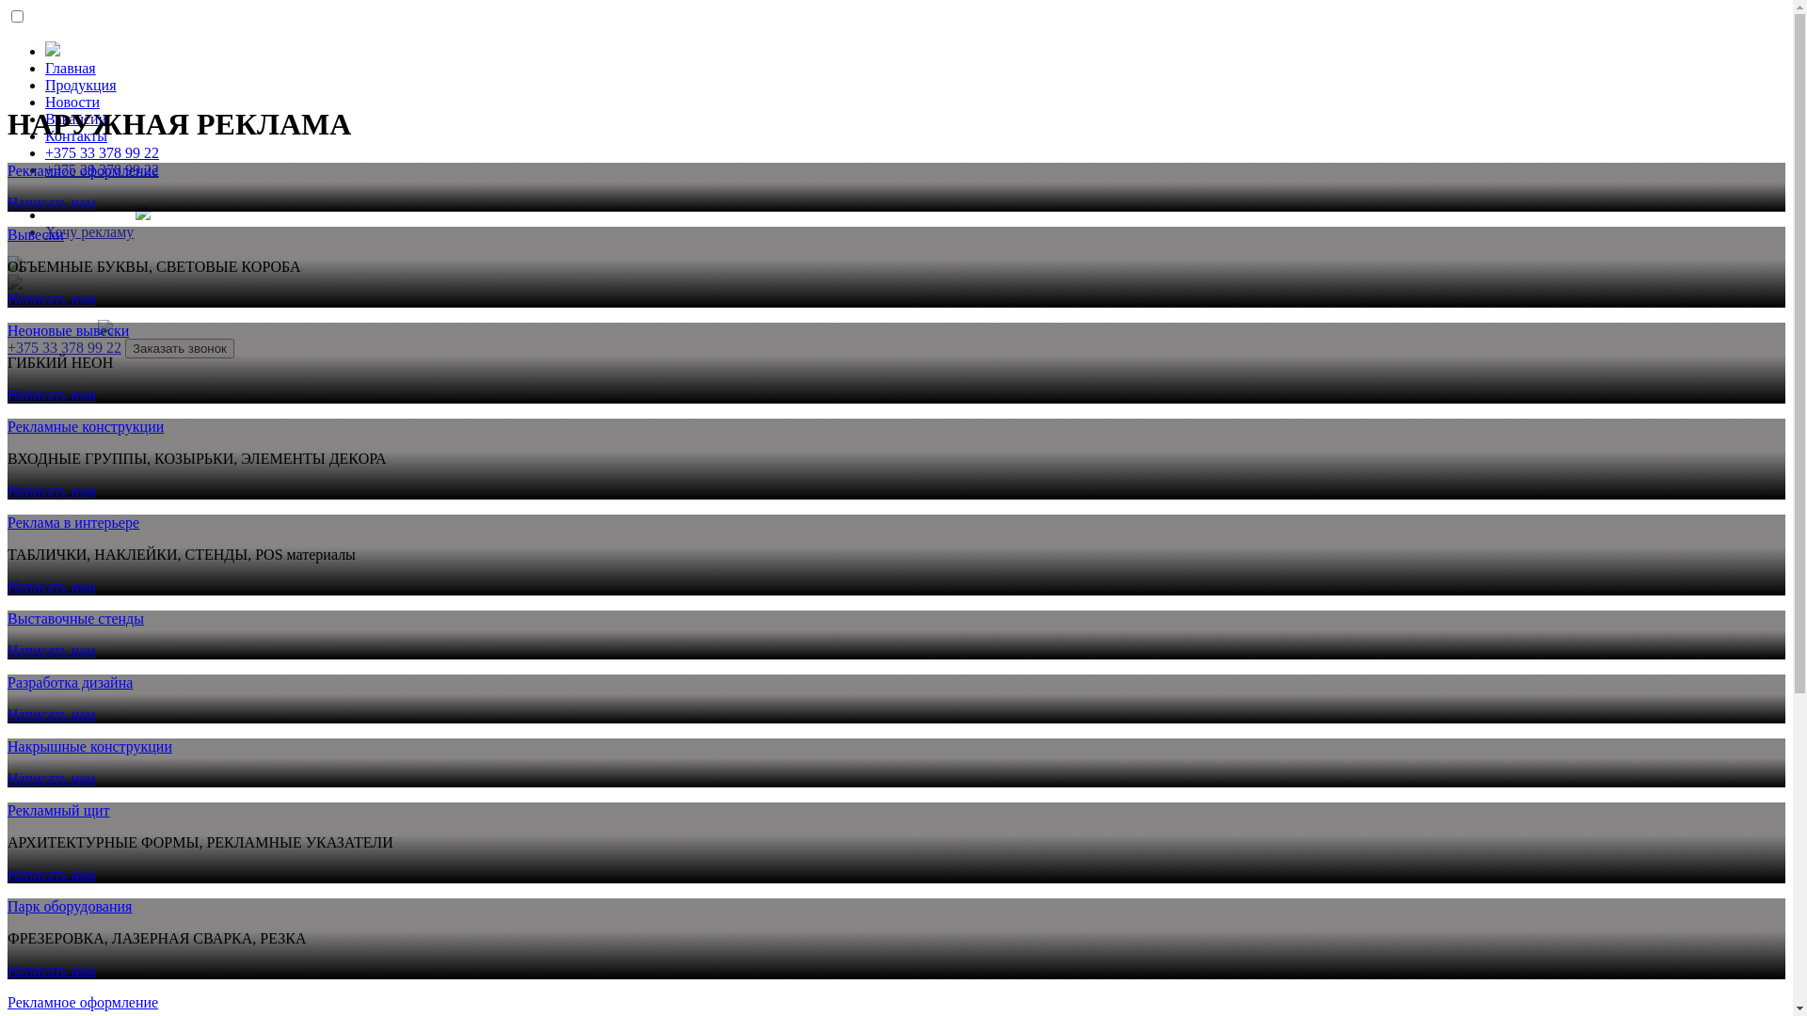 This screenshot has height=1016, width=1807. I want to click on '+375 33 378 99 22', so click(64, 347).